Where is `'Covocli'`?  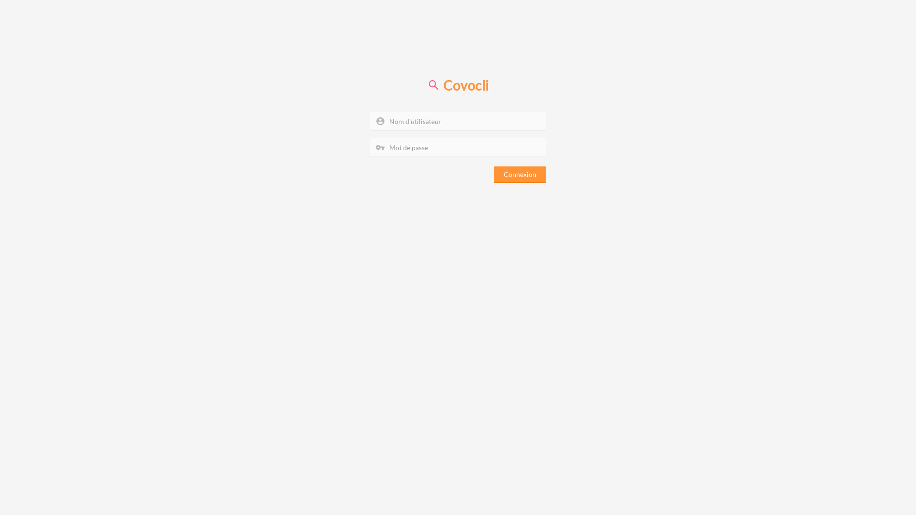
'Covocli' is located at coordinates (426, 84).